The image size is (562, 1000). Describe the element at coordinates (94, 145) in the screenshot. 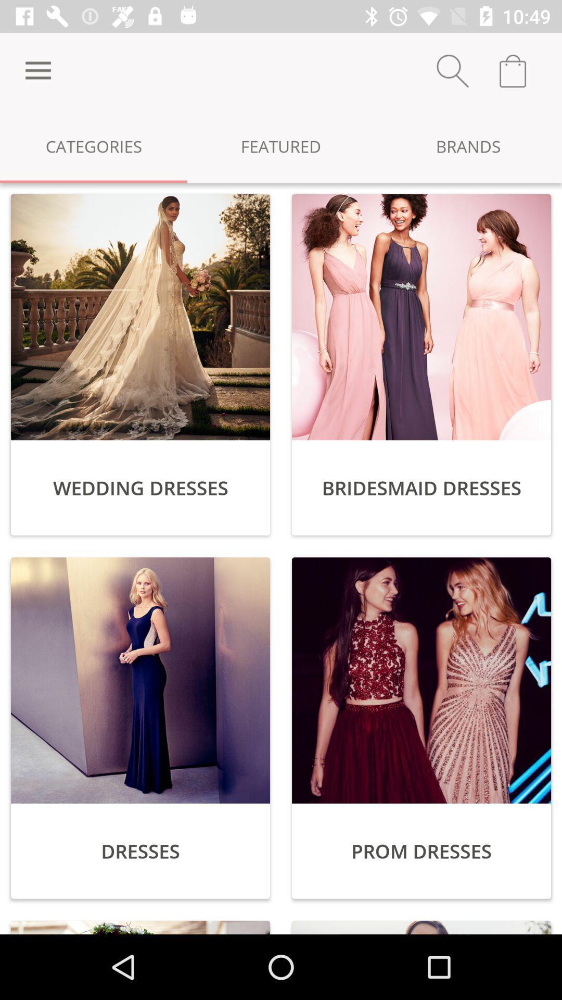

I see `categories icon` at that location.